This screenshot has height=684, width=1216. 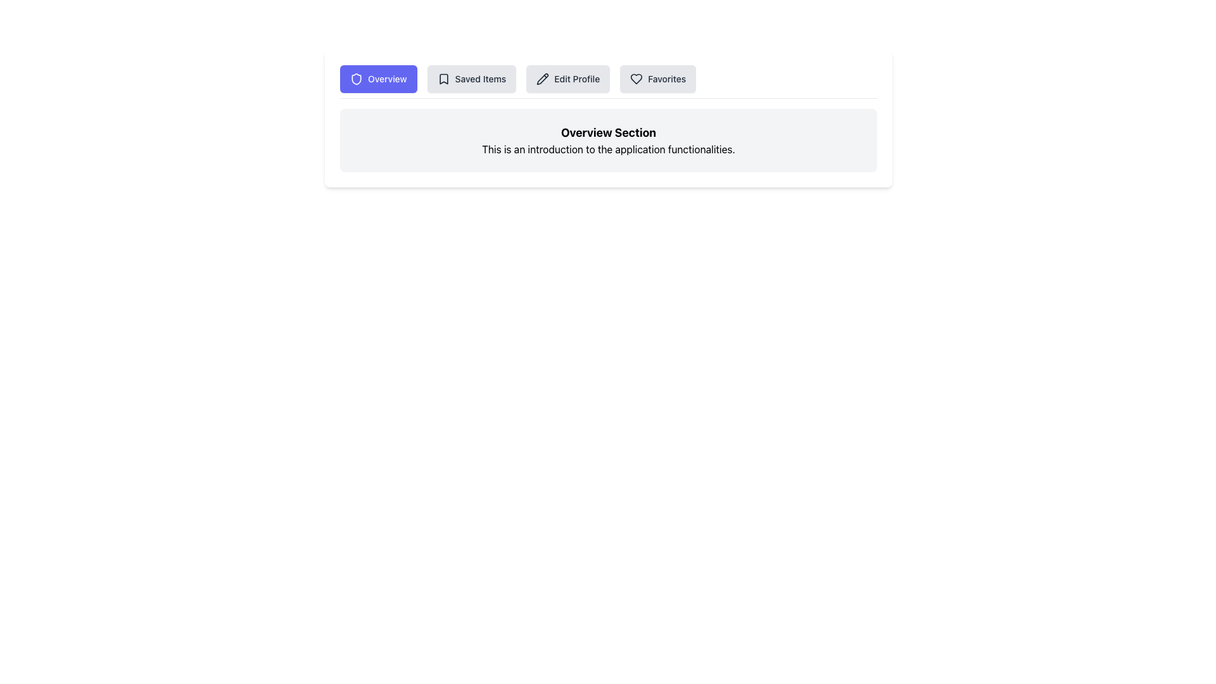 What do you see at coordinates (658, 79) in the screenshot?
I see `the 'Favorites' button in the navigation bar` at bounding box center [658, 79].